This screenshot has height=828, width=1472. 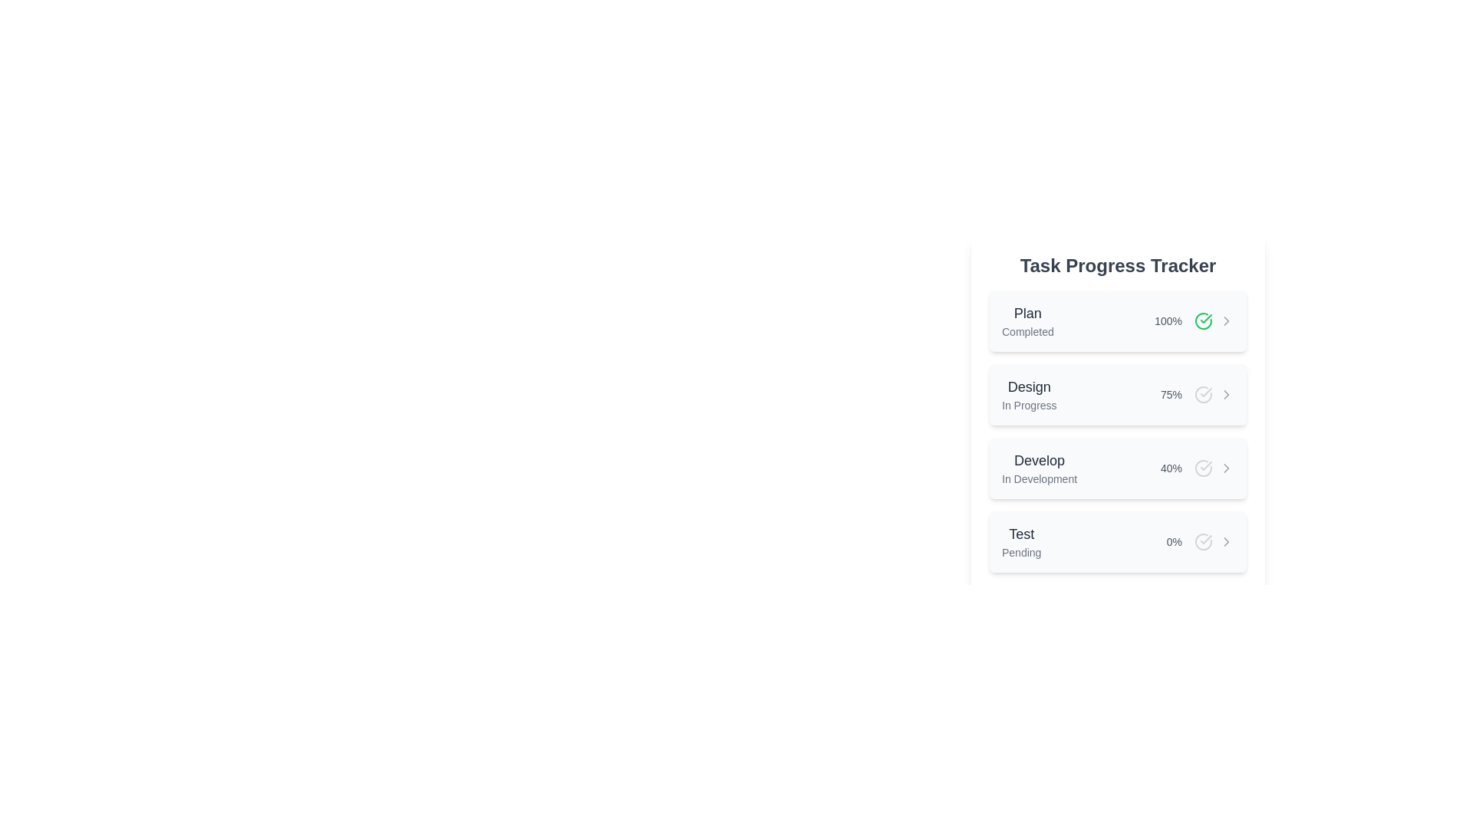 I want to click on the 'Completed' text label, which is a small gray font located beneath the 'Plan' label in the task status panel, so click(x=1027, y=330).